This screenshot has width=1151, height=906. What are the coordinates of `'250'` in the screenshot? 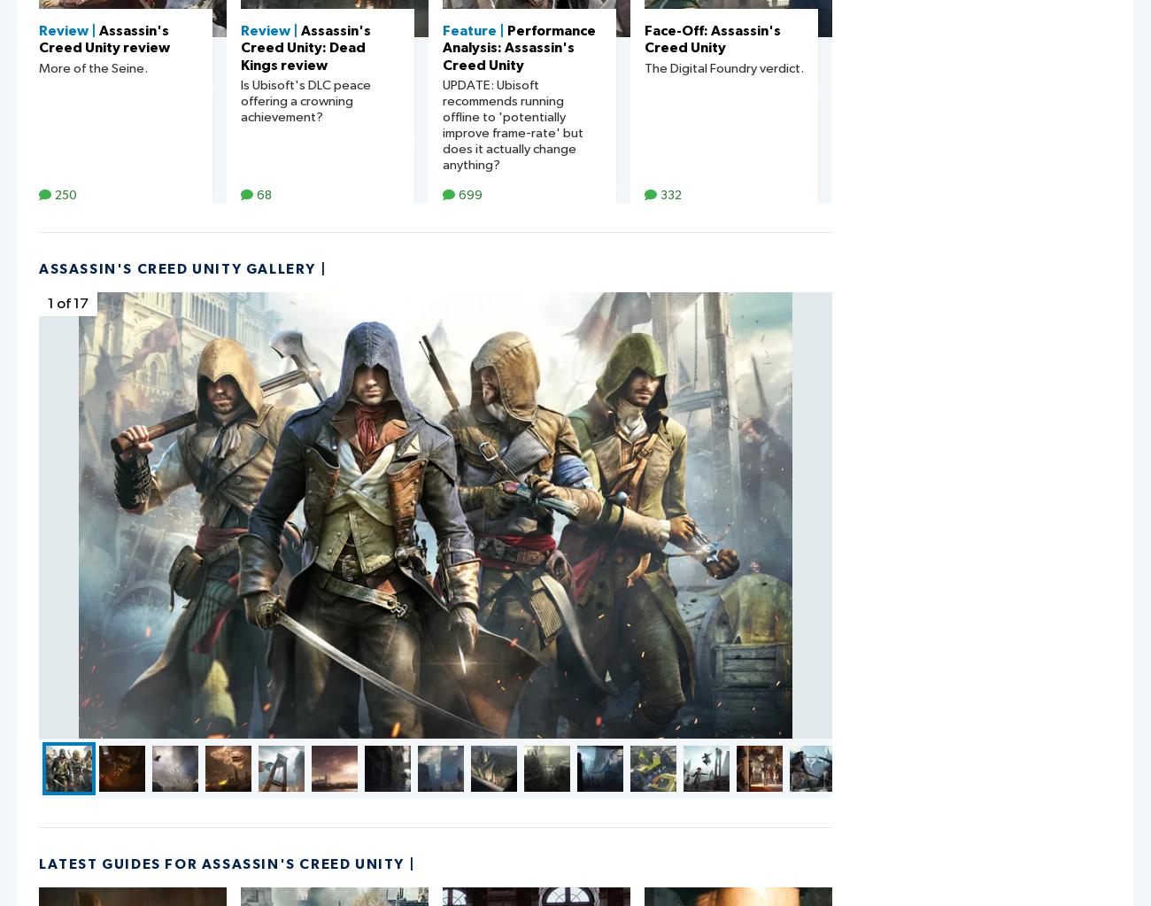 It's located at (55, 194).